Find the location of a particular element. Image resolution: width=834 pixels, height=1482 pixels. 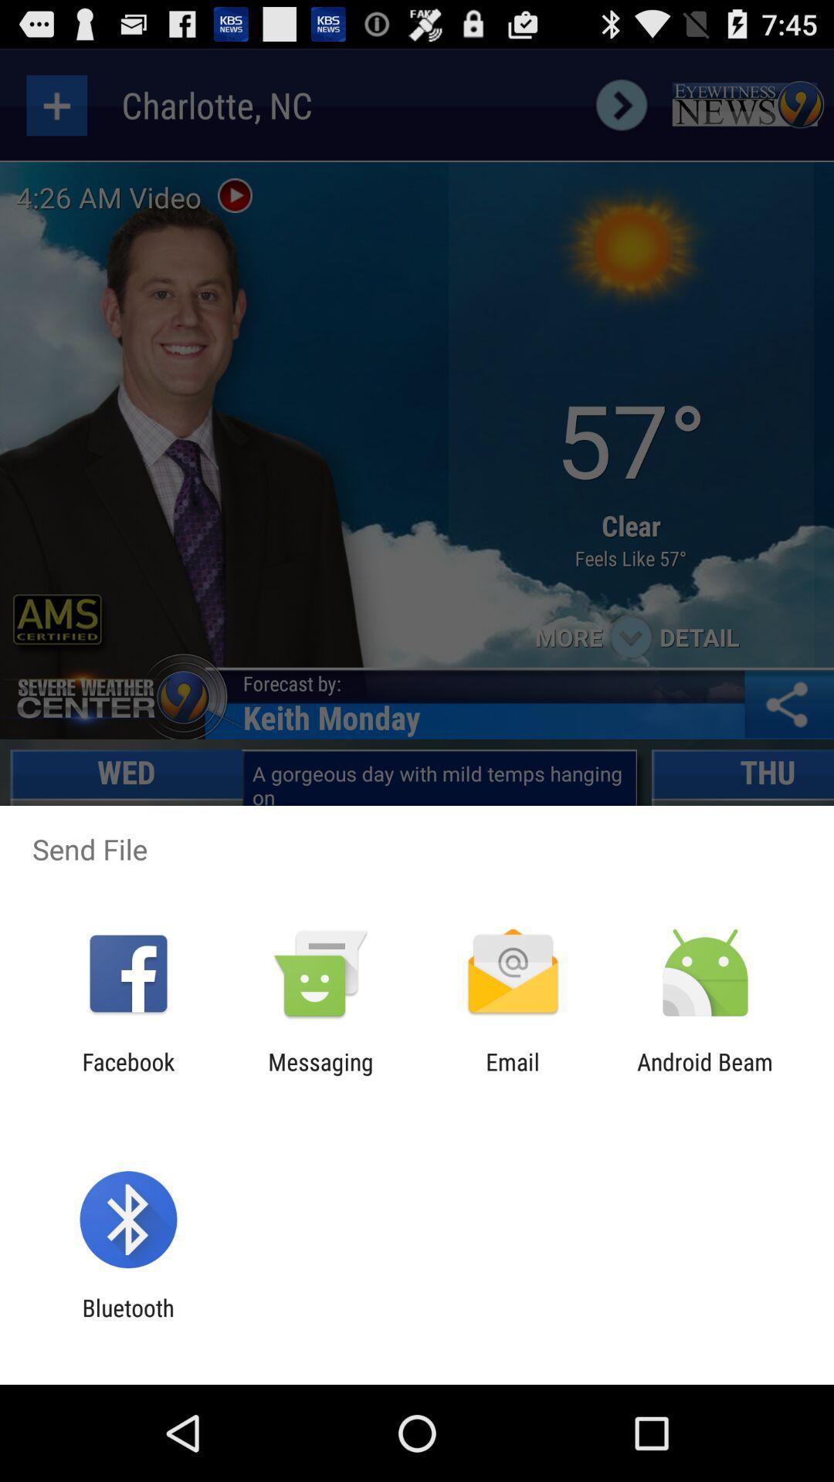

the bluetooth icon is located at coordinates (127, 1321).